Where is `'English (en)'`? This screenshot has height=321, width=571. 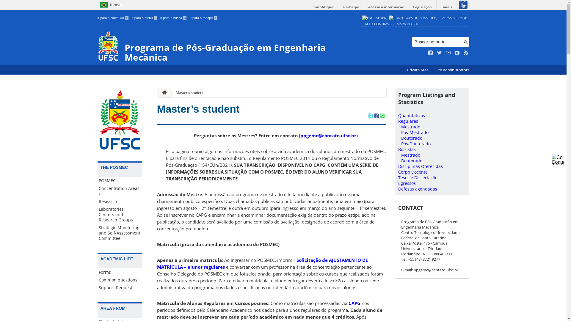 'English (en)' is located at coordinates (374, 17).